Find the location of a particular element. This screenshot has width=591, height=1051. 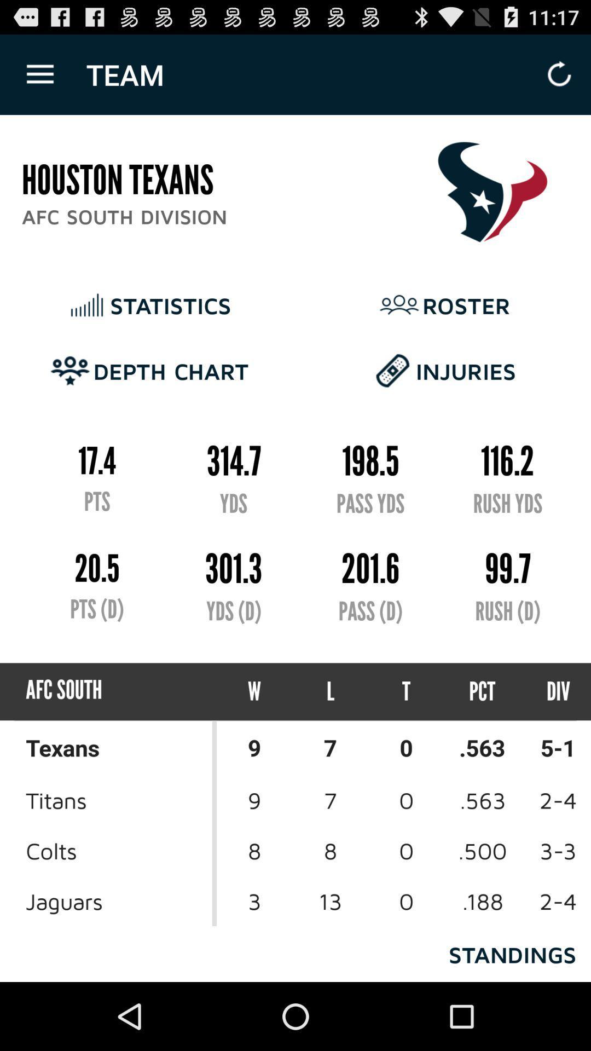

the item next to div is located at coordinates (482, 691).